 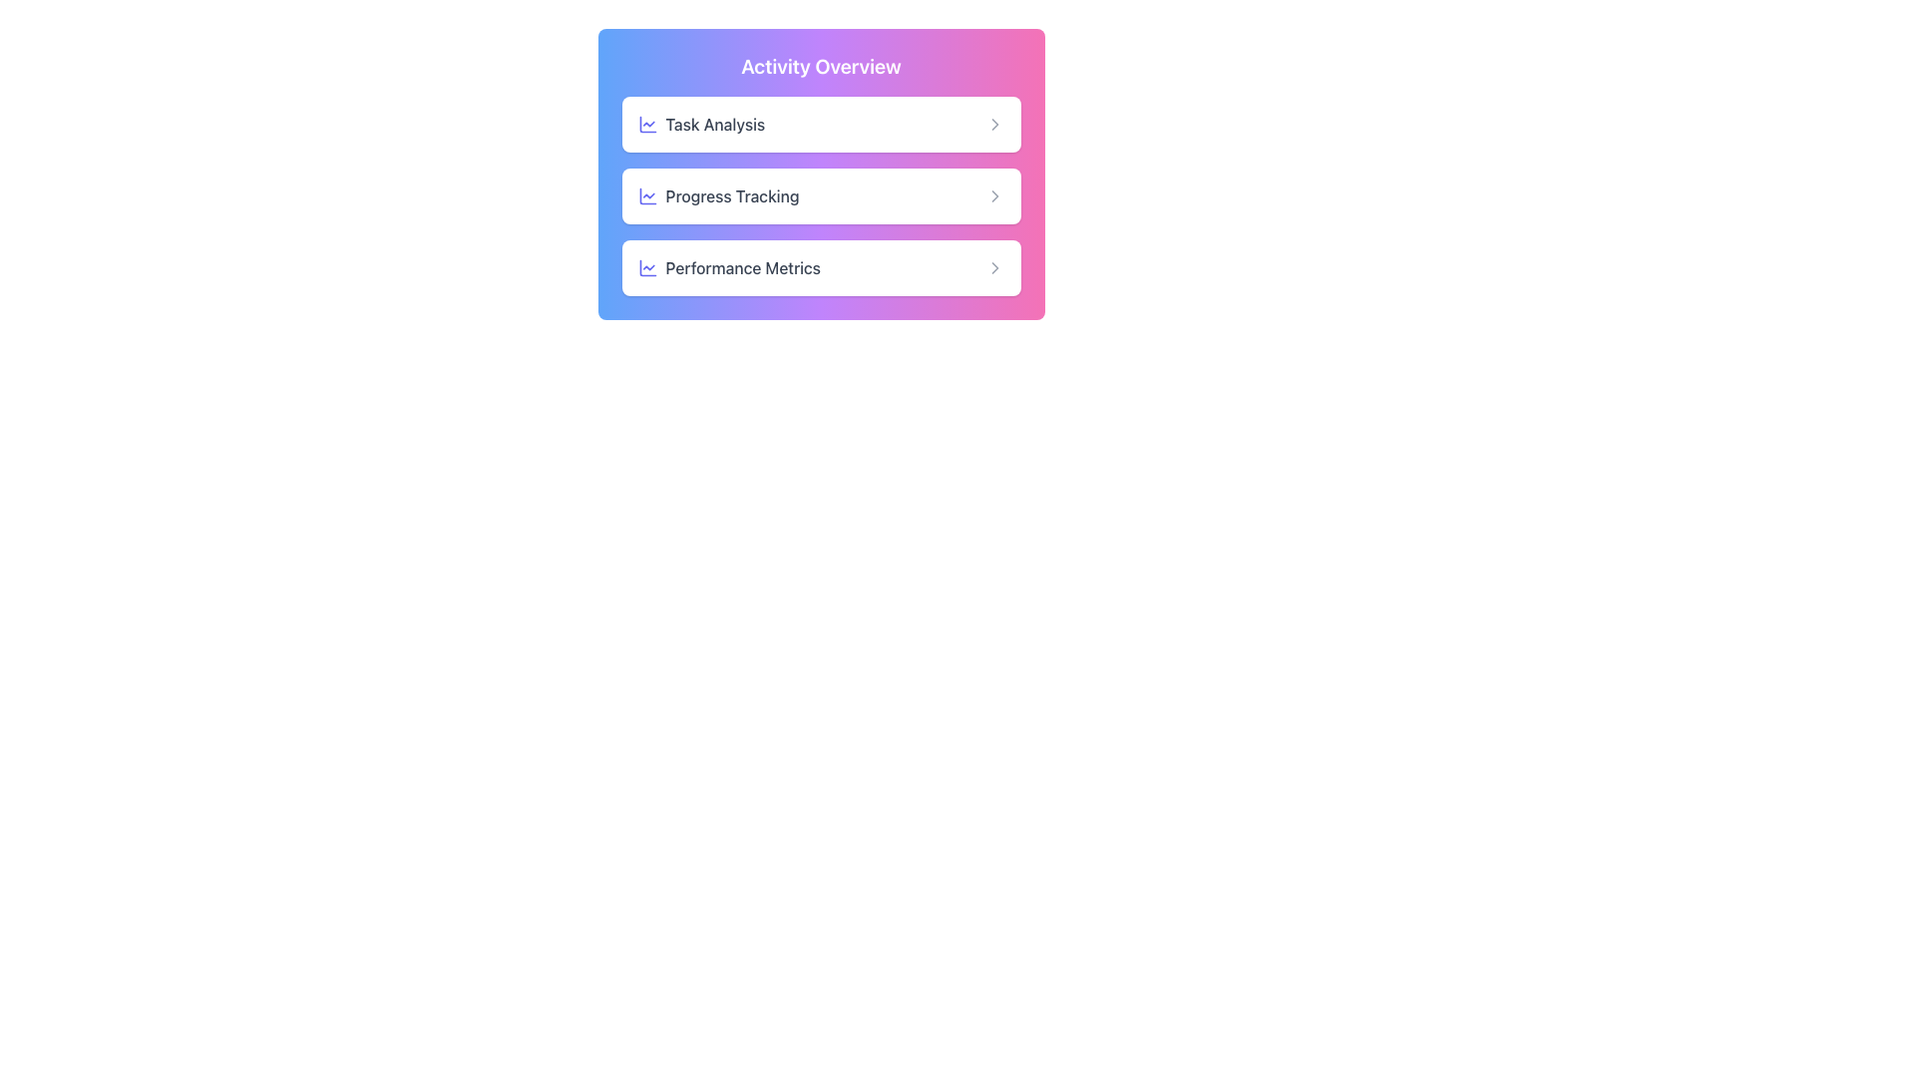 What do you see at coordinates (994, 195) in the screenshot?
I see `the chevron icon located to the far right within the 'Progress Tracking' button, which is one of three vertically stacked buttons under the 'Activity Overview' header` at bounding box center [994, 195].